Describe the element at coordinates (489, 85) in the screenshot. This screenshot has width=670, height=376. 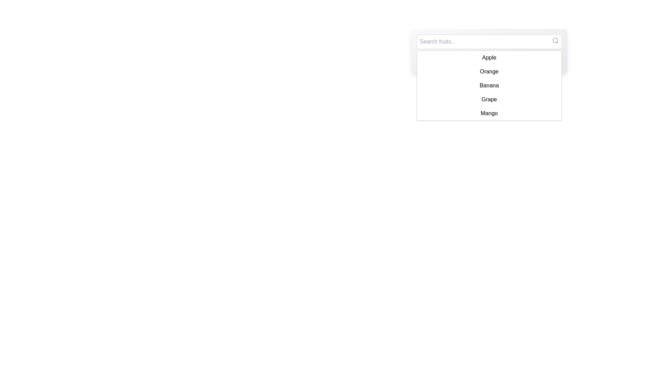
I see `the third item in the dropdown menu labeled 'Banana'` at that location.